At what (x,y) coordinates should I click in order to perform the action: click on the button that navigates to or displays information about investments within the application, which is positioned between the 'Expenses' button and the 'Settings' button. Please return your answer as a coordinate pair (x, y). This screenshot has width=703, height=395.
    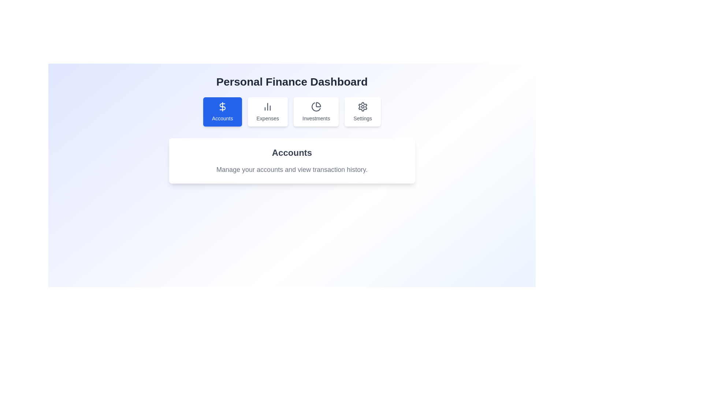
    Looking at the image, I should click on (316, 112).